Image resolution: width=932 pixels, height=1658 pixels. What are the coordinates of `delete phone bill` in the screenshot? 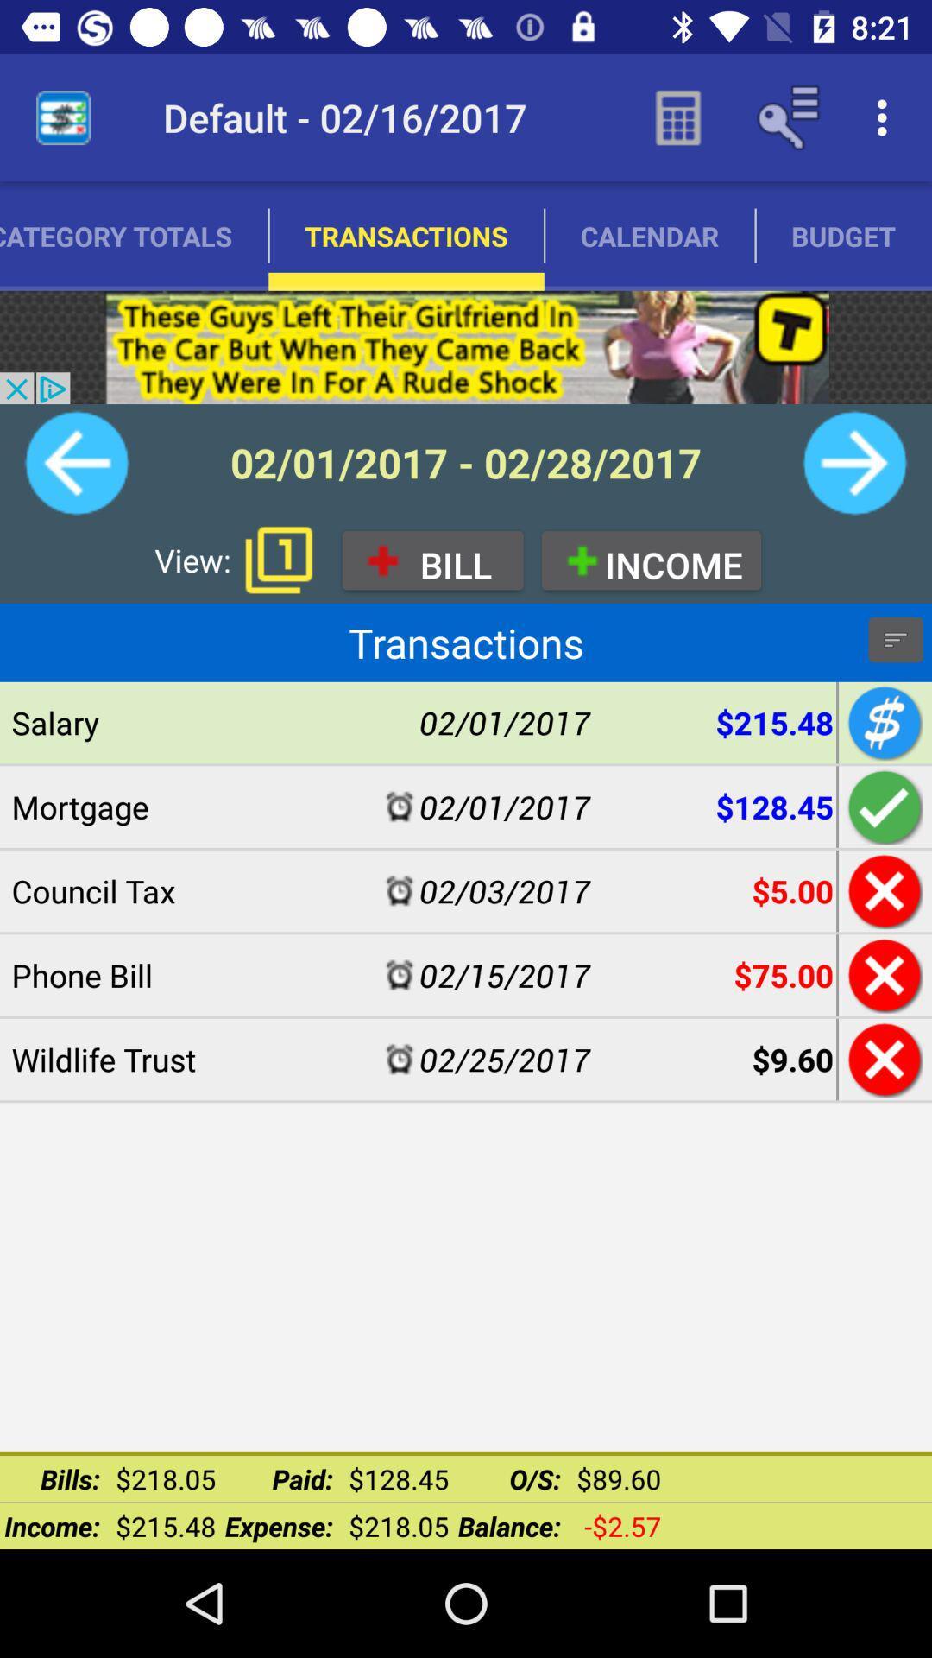 It's located at (882, 975).